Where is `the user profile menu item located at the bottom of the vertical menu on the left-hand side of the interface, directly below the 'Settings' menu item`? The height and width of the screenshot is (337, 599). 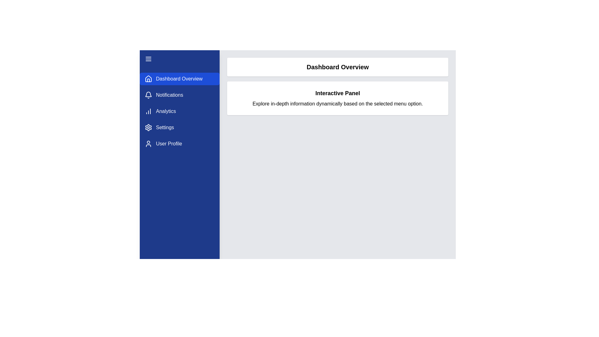 the user profile menu item located at the bottom of the vertical menu on the left-hand side of the interface, directly below the 'Settings' menu item is located at coordinates (179, 144).